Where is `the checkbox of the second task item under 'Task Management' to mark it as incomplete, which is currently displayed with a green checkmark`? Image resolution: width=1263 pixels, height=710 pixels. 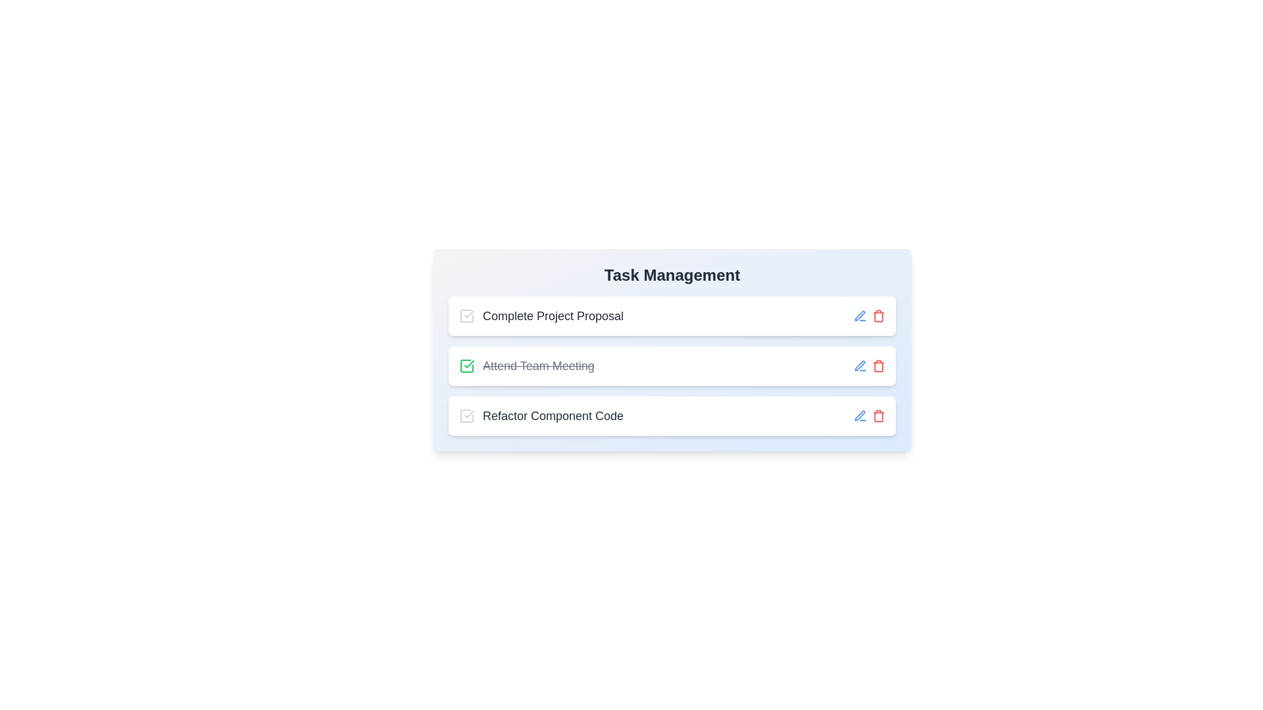
the checkbox of the second task item under 'Task Management' to mark it as incomplete, which is currently displayed with a green checkmark is located at coordinates (672, 349).